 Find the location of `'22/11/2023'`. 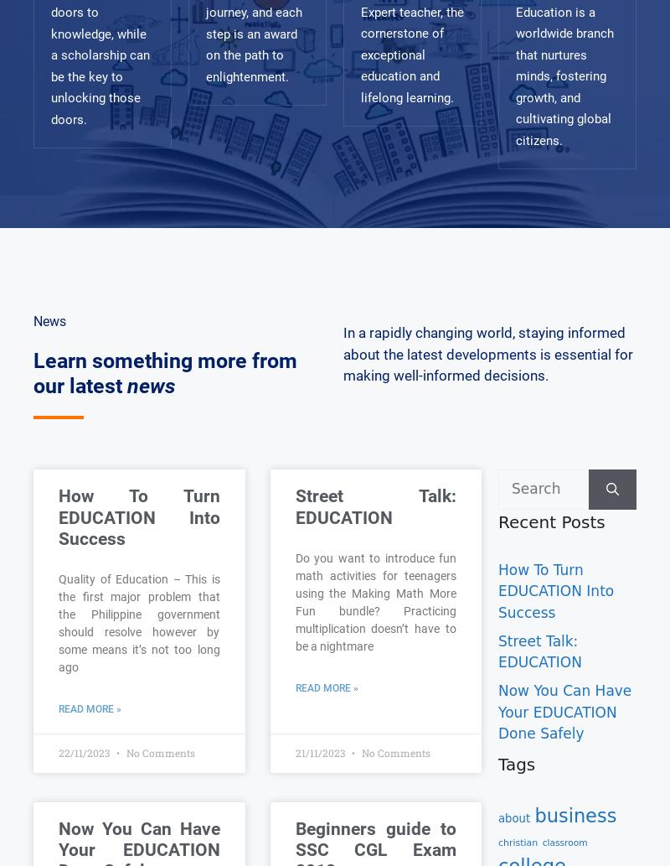

'22/11/2023' is located at coordinates (85, 751).